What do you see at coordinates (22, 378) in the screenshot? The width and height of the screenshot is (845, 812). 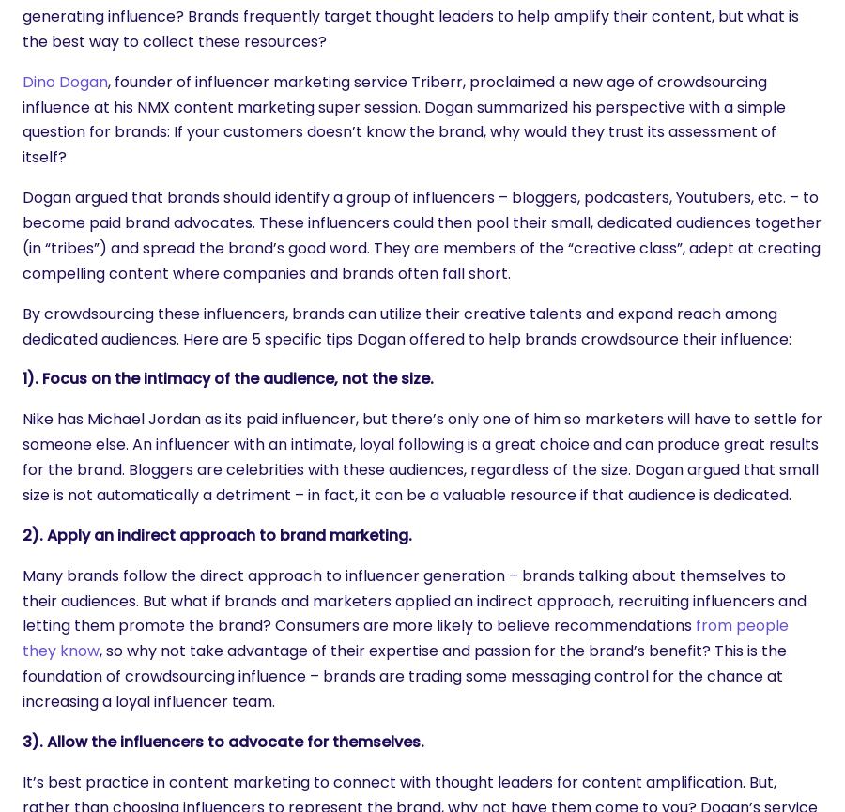 I see `'1). Focus on the intimacy of the audience, not the size.'` at bounding box center [22, 378].